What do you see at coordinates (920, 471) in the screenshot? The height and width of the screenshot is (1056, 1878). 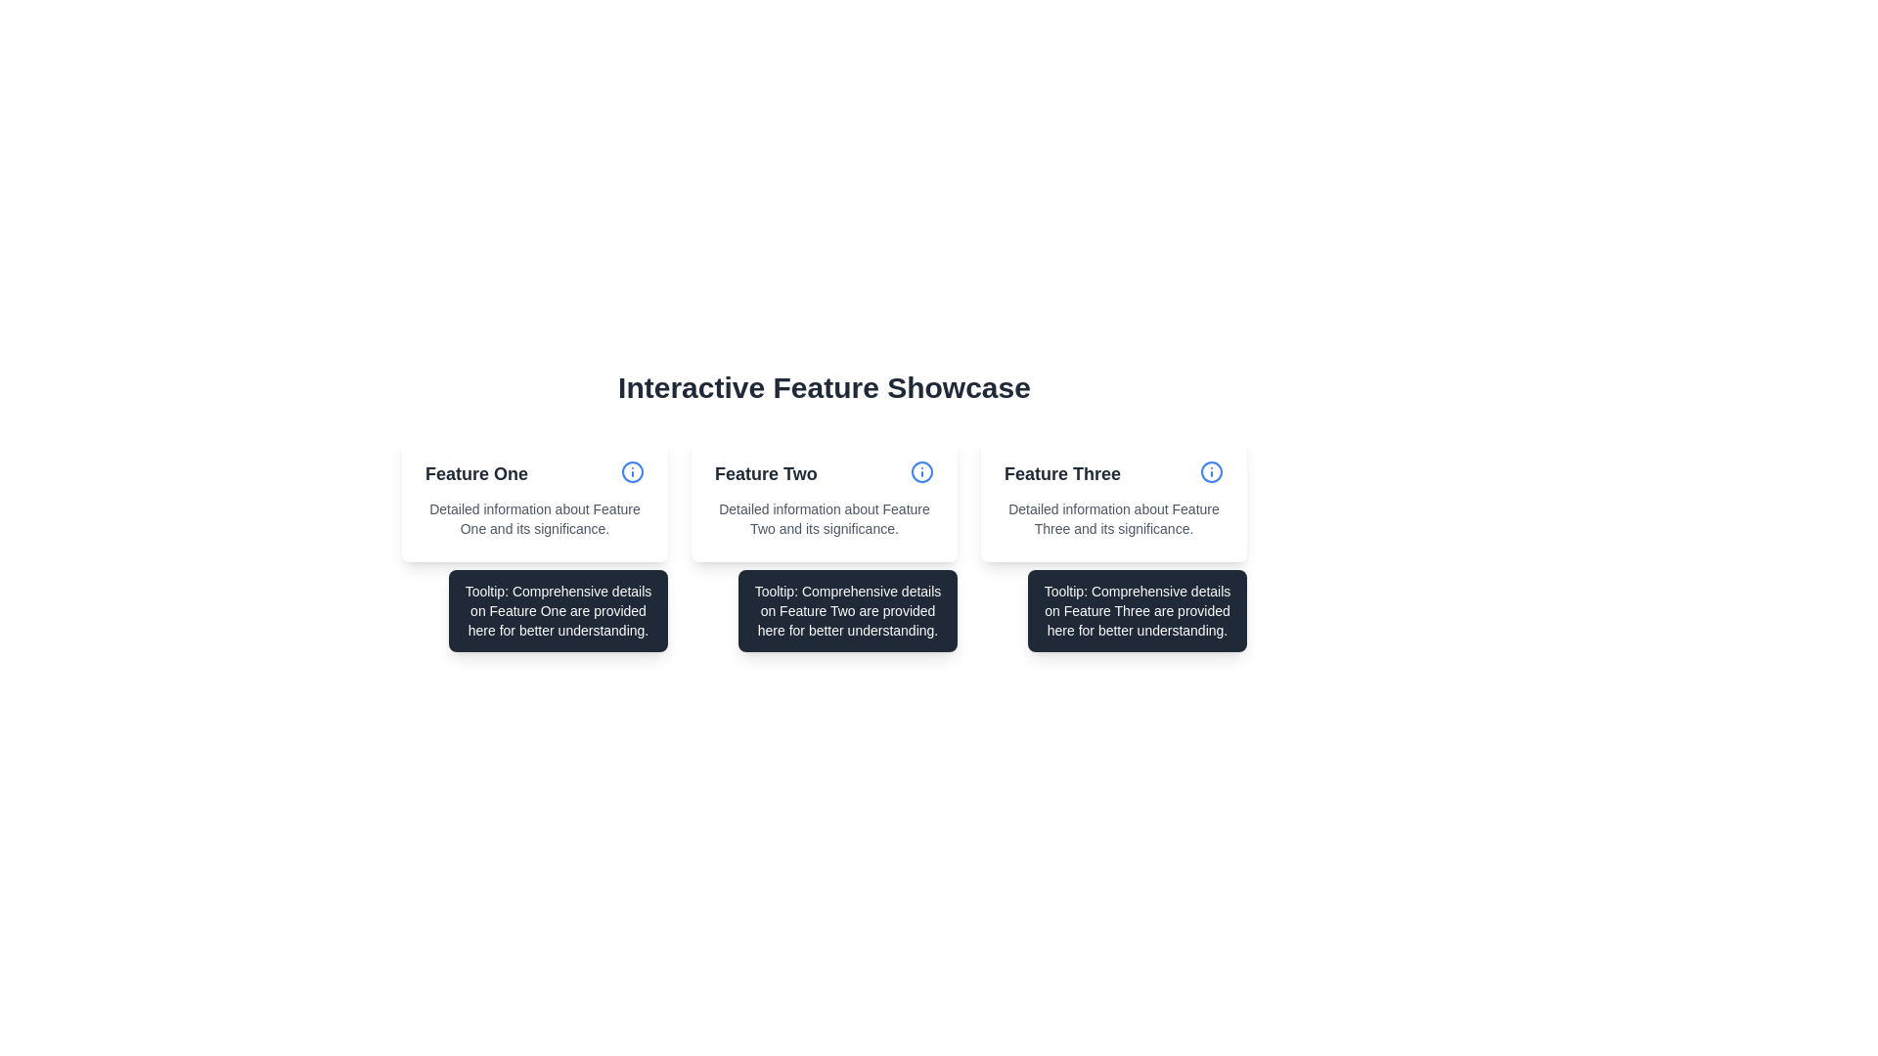 I see `the interactive icon in the 'Feature Two' section under the headline 'Interactive Feature Showcase'` at bounding box center [920, 471].